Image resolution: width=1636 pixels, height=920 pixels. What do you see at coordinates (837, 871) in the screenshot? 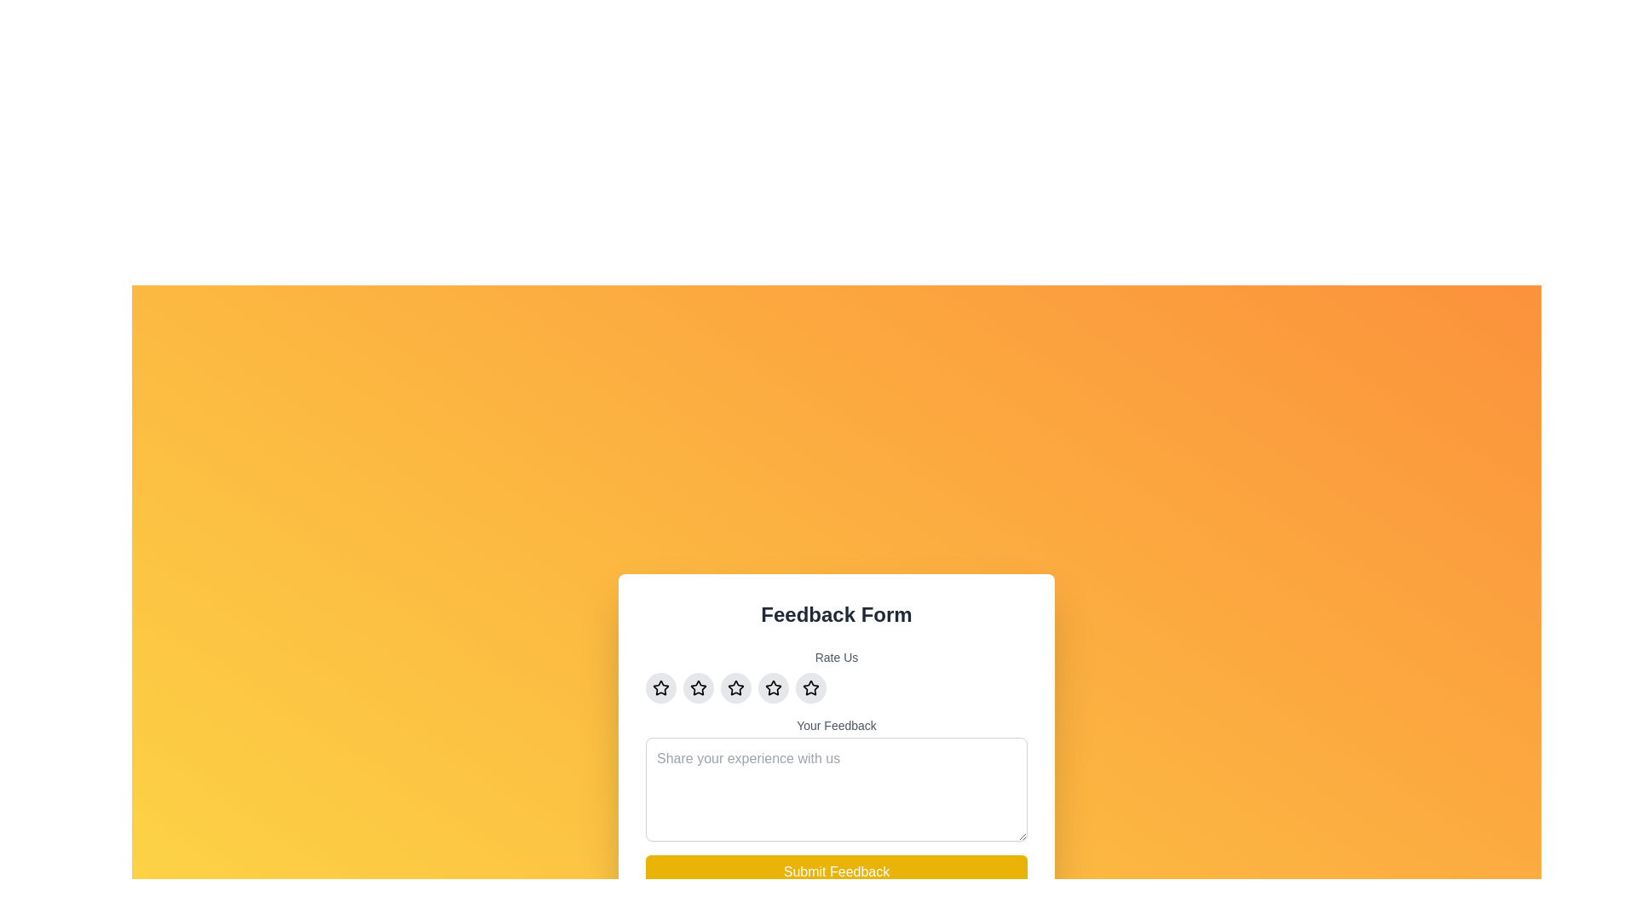
I see `the feedback submission button located at the bottom of the feedback form` at bounding box center [837, 871].